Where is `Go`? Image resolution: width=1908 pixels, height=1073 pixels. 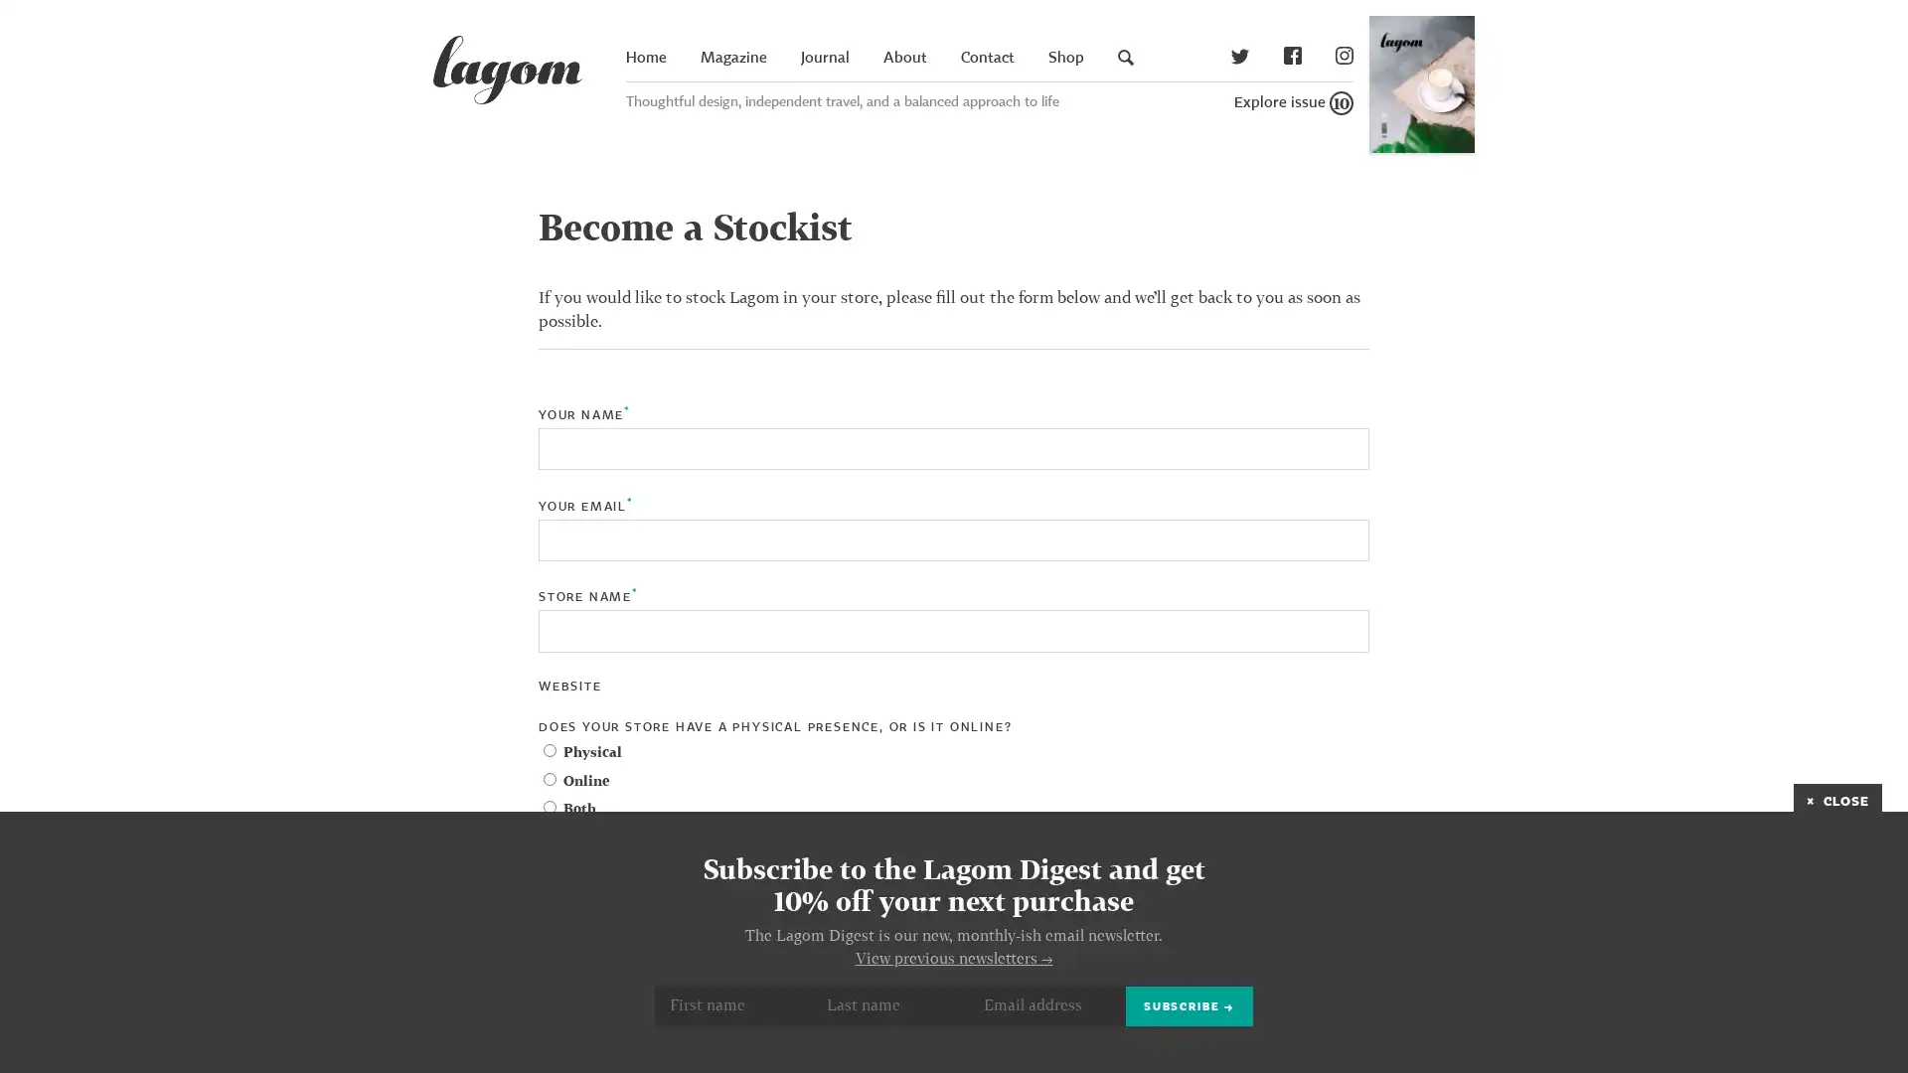 Go is located at coordinates (1553, 78).